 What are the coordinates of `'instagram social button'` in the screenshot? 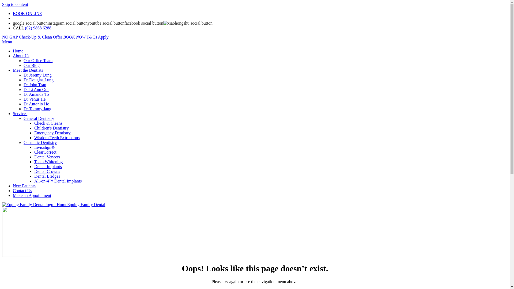 It's located at (67, 23).